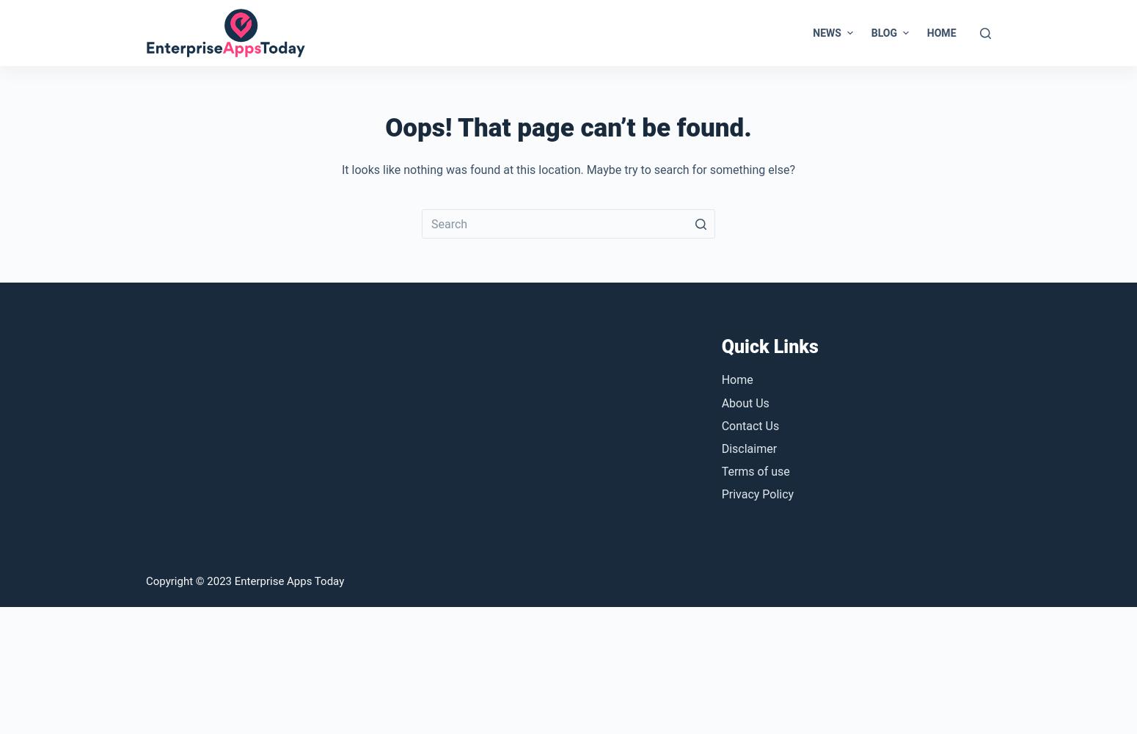 Image resolution: width=1137 pixels, height=734 pixels. I want to click on 'Privacy Policy', so click(757, 494).